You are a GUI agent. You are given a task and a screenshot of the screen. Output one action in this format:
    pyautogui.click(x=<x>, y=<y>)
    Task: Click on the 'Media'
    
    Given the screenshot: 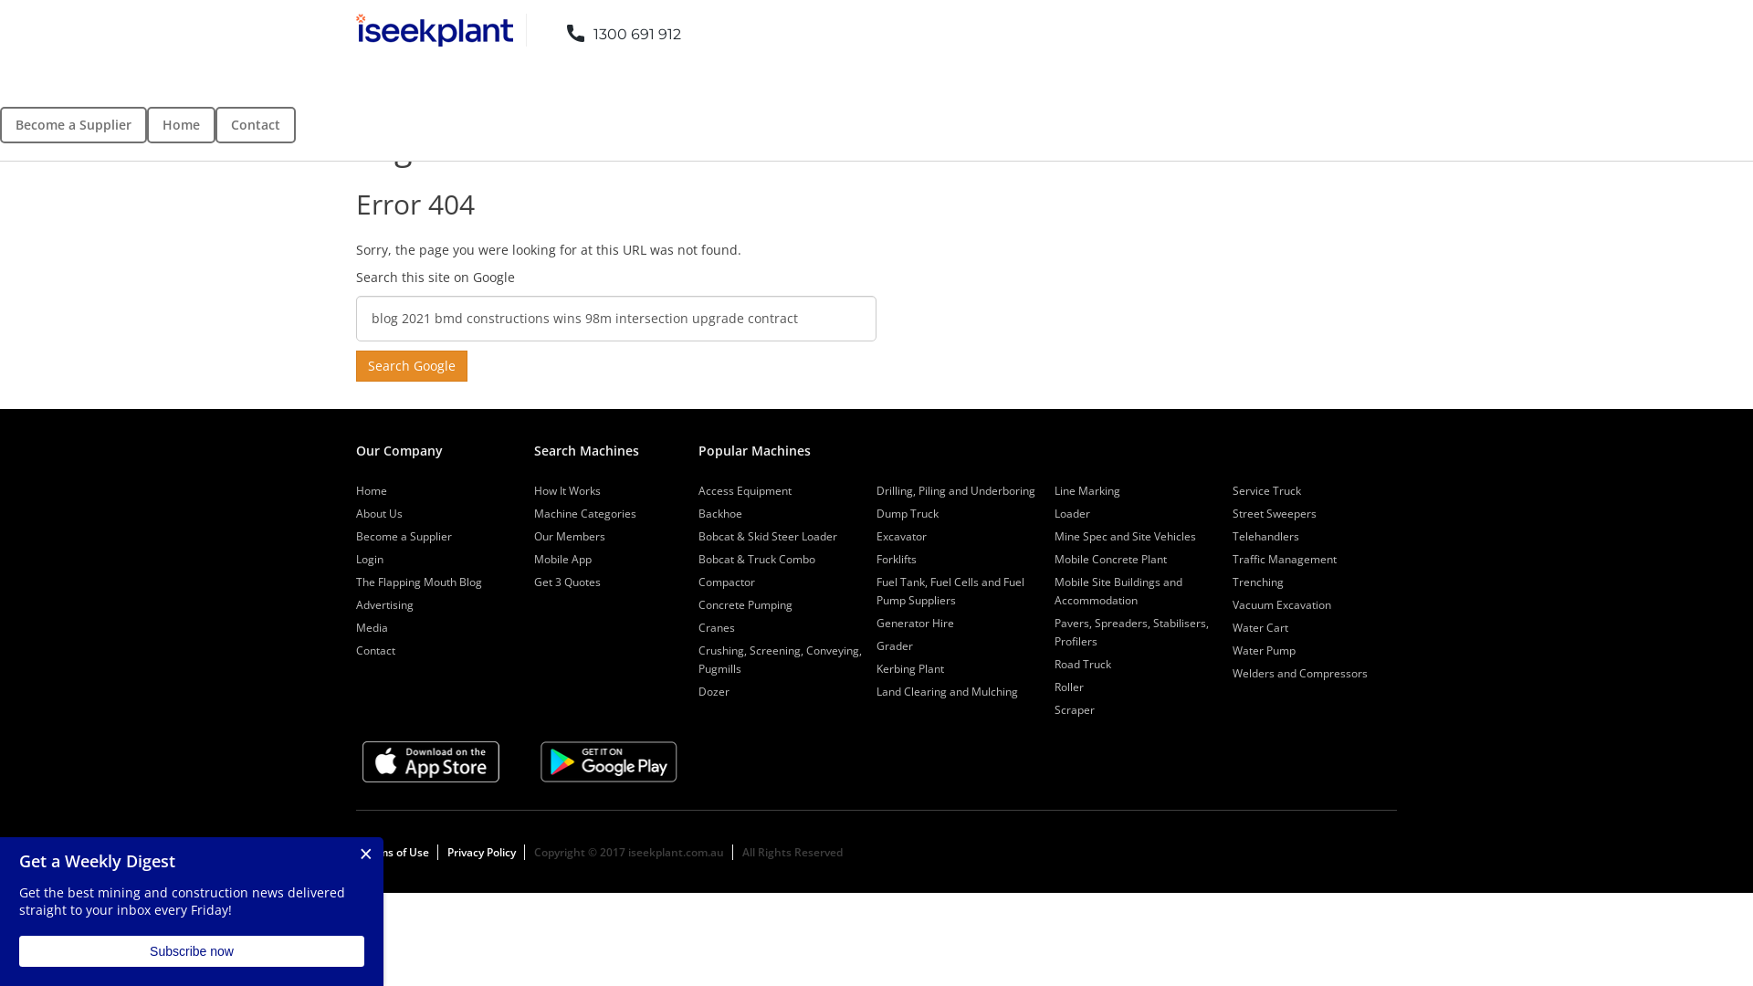 What is the action you would take?
    pyautogui.click(x=371, y=626)
    